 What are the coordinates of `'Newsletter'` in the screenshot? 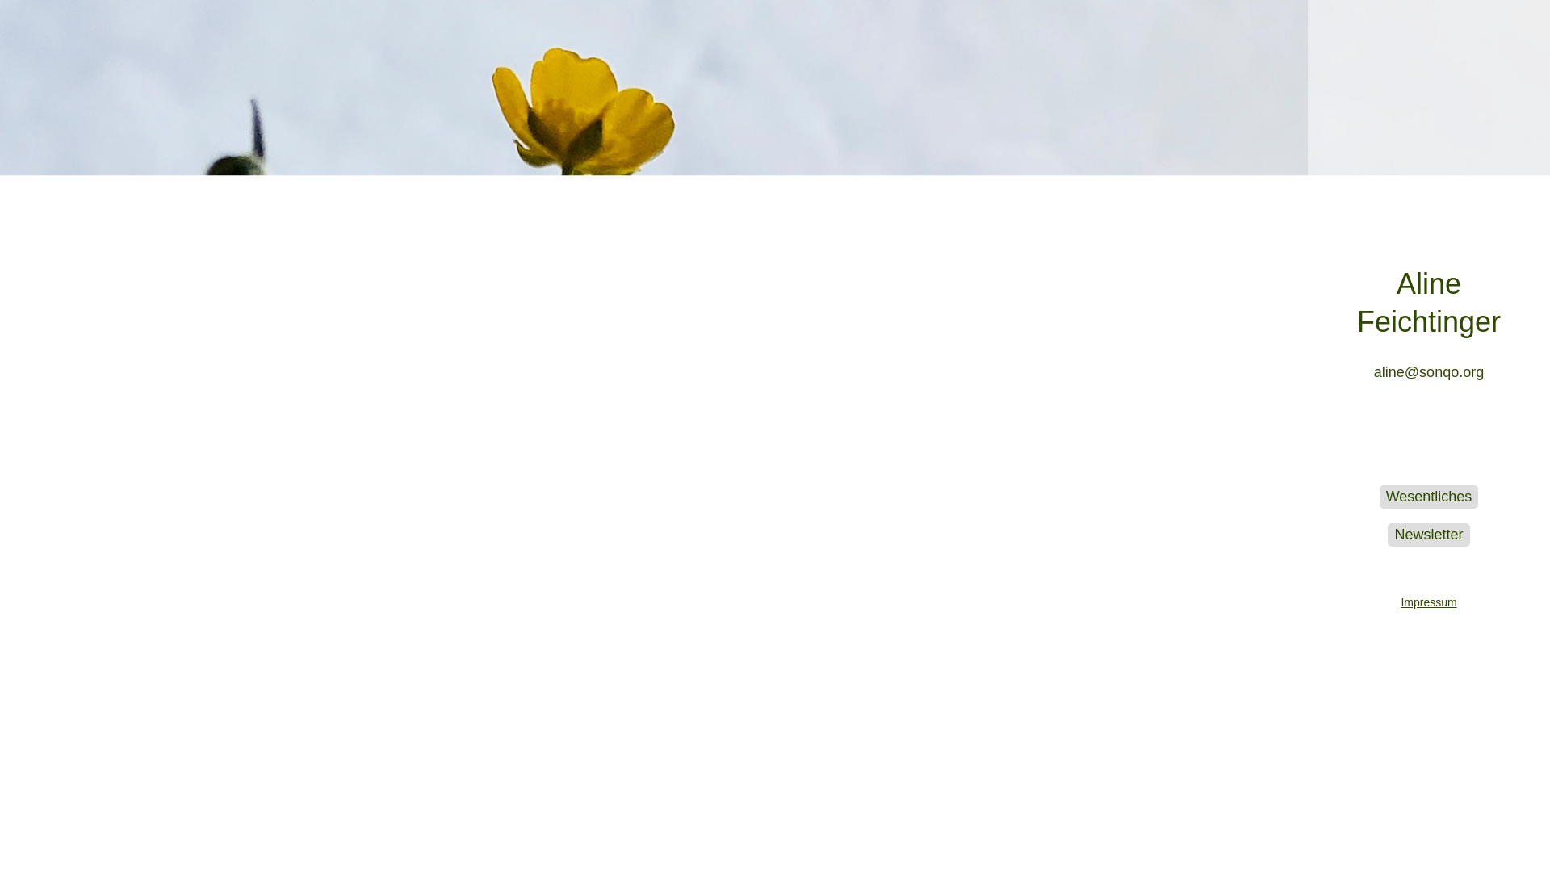 It's located at (1428, 535).